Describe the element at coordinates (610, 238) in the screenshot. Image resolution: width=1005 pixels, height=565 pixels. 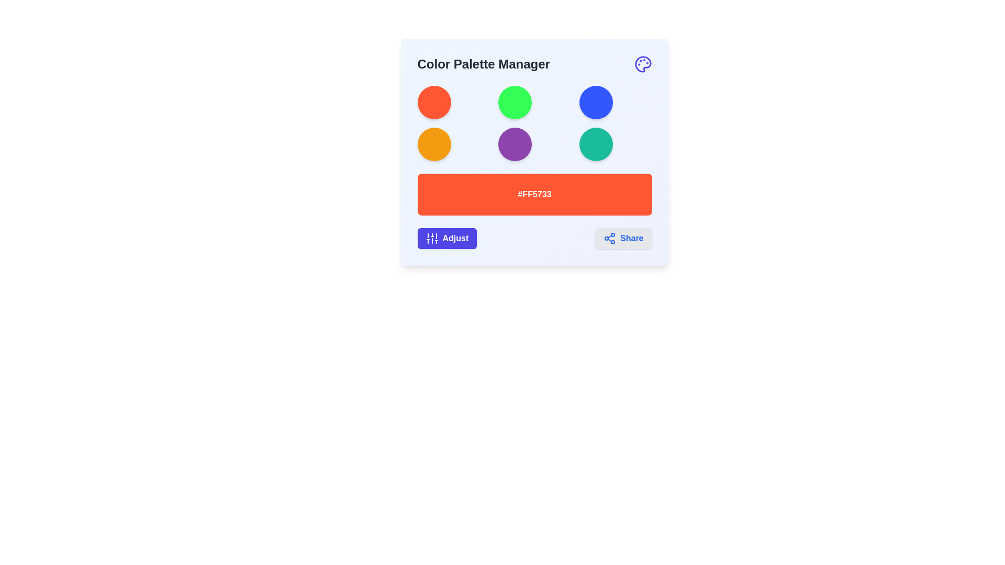
I see `the graphical icon representing sharing, which consists of three circles connected by two lines, located within the 'Share' button in the bottom-right control panel` at that location.